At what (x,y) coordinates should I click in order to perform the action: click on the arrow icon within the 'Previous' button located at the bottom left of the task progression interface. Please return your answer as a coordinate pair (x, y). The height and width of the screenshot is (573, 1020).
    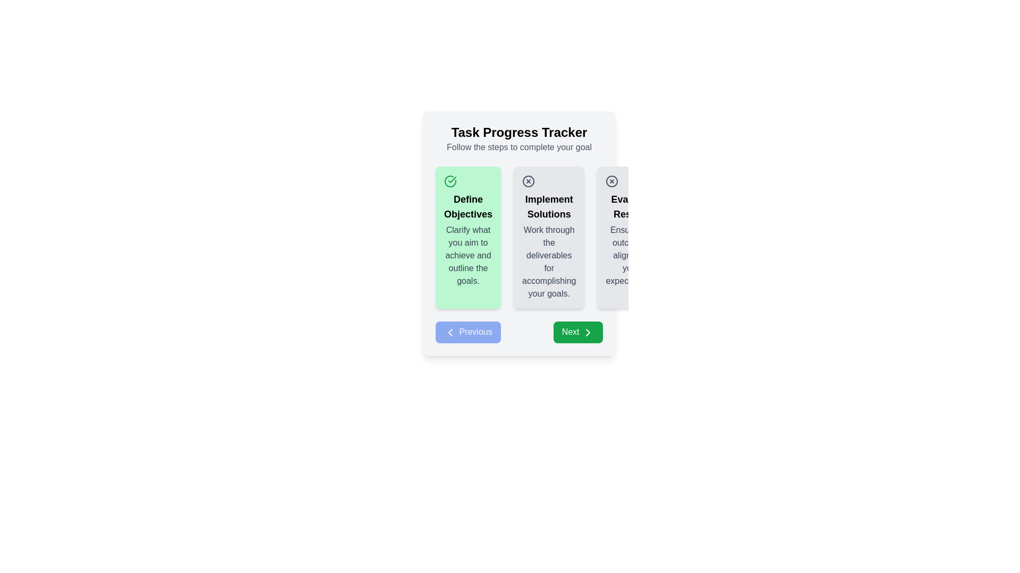
    Looking at the image, I should click on (450, 331).